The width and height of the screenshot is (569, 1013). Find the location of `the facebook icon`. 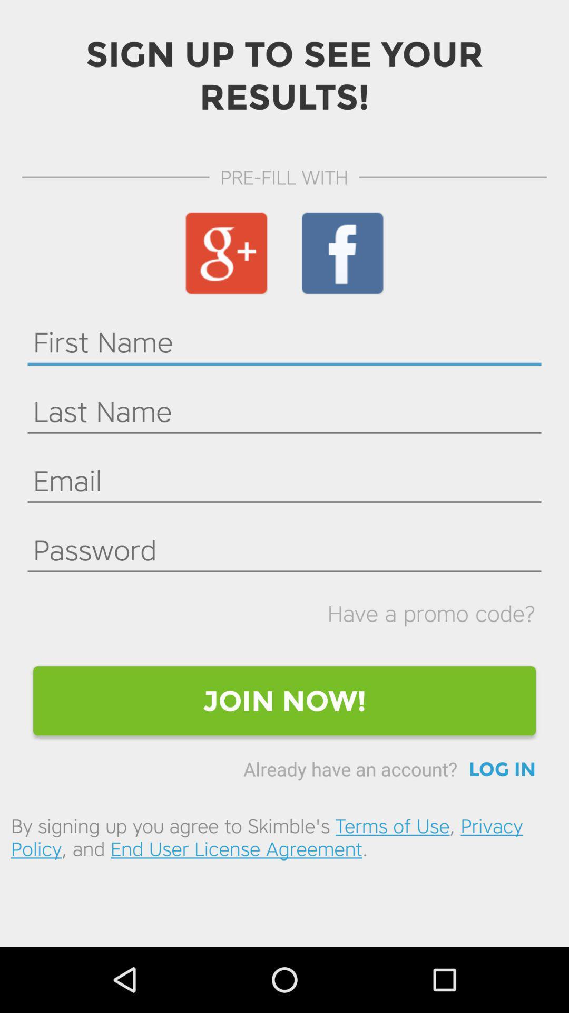

the facebook icon is located at coordinates (342, 253).